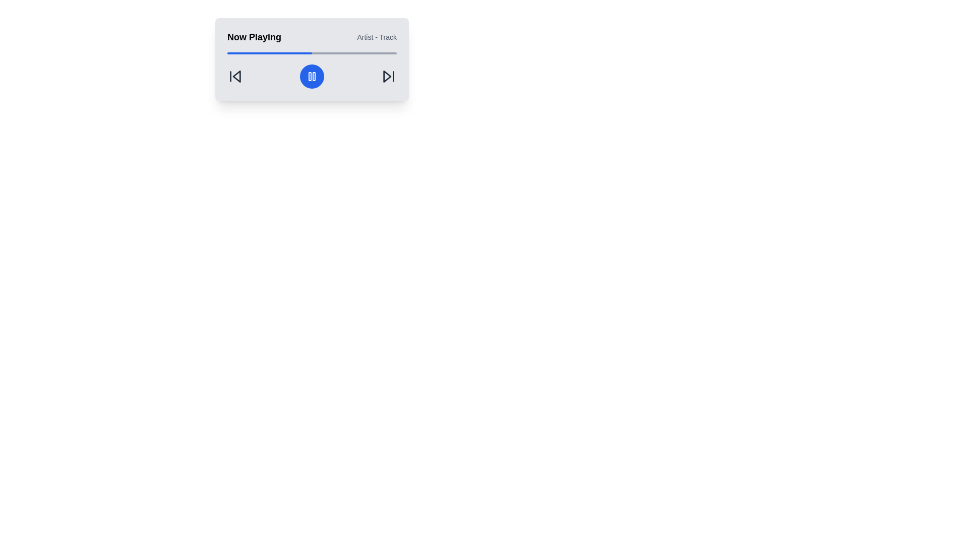  Describe the element at coordinates (256, 53) in the screenshot. I see `the progress of the bar` at that location.